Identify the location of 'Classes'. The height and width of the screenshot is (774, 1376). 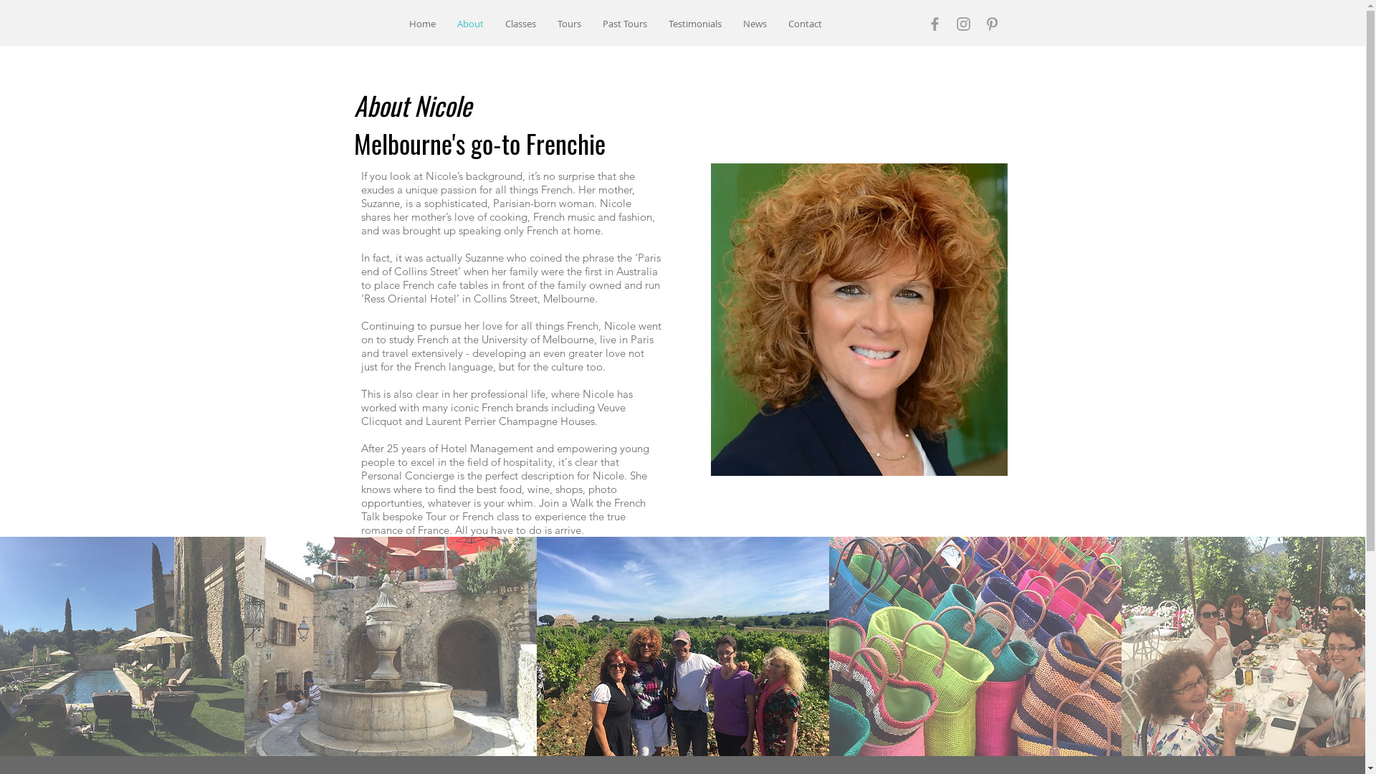
(520, 24).